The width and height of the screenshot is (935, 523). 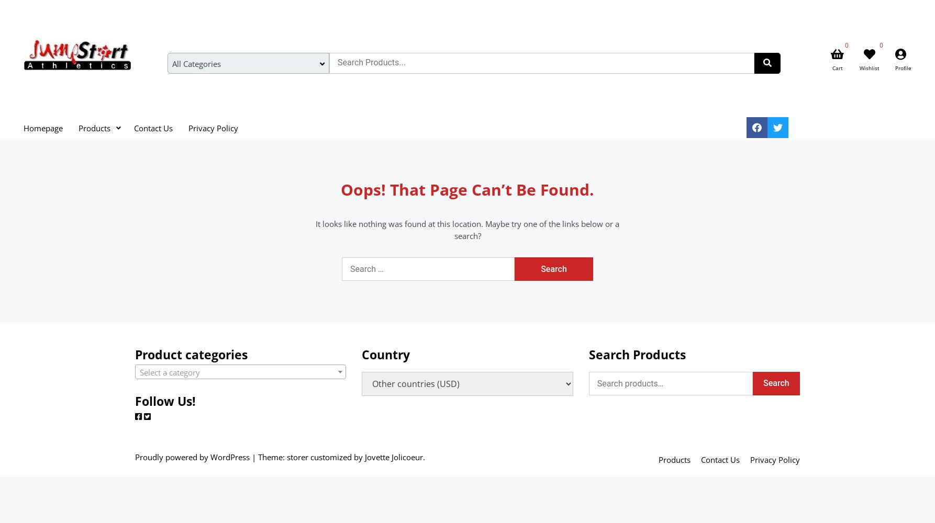 What do you see at coordinates (196, 63) in the screenshot?
I see `'All Categories'` at bounding box center [196, 63].